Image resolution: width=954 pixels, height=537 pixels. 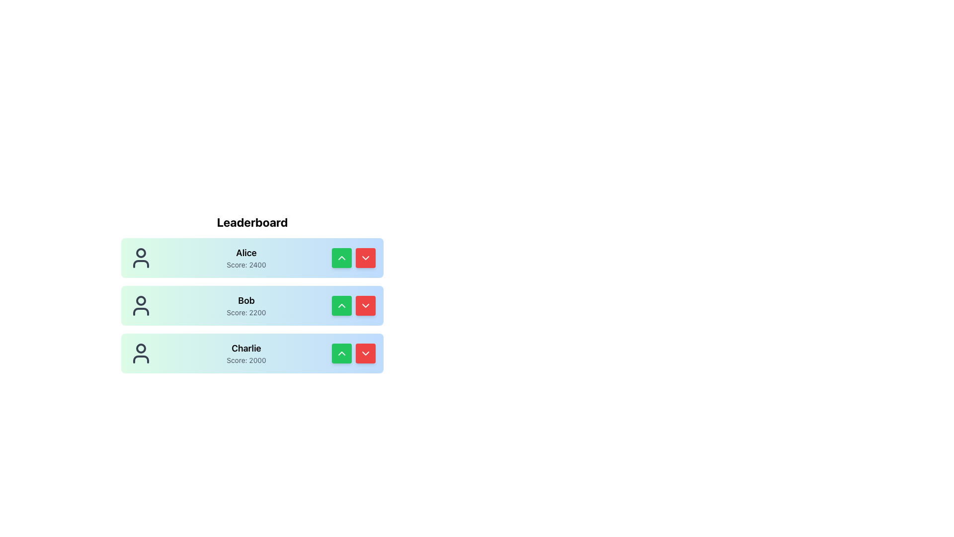 What do you see at coordinates (246, 300) in the screenshot?
I see `the text 'Bob' displayed in bold within the leaderboard section, located in the second row of the leaderboard` at bounding box center [246, 300].